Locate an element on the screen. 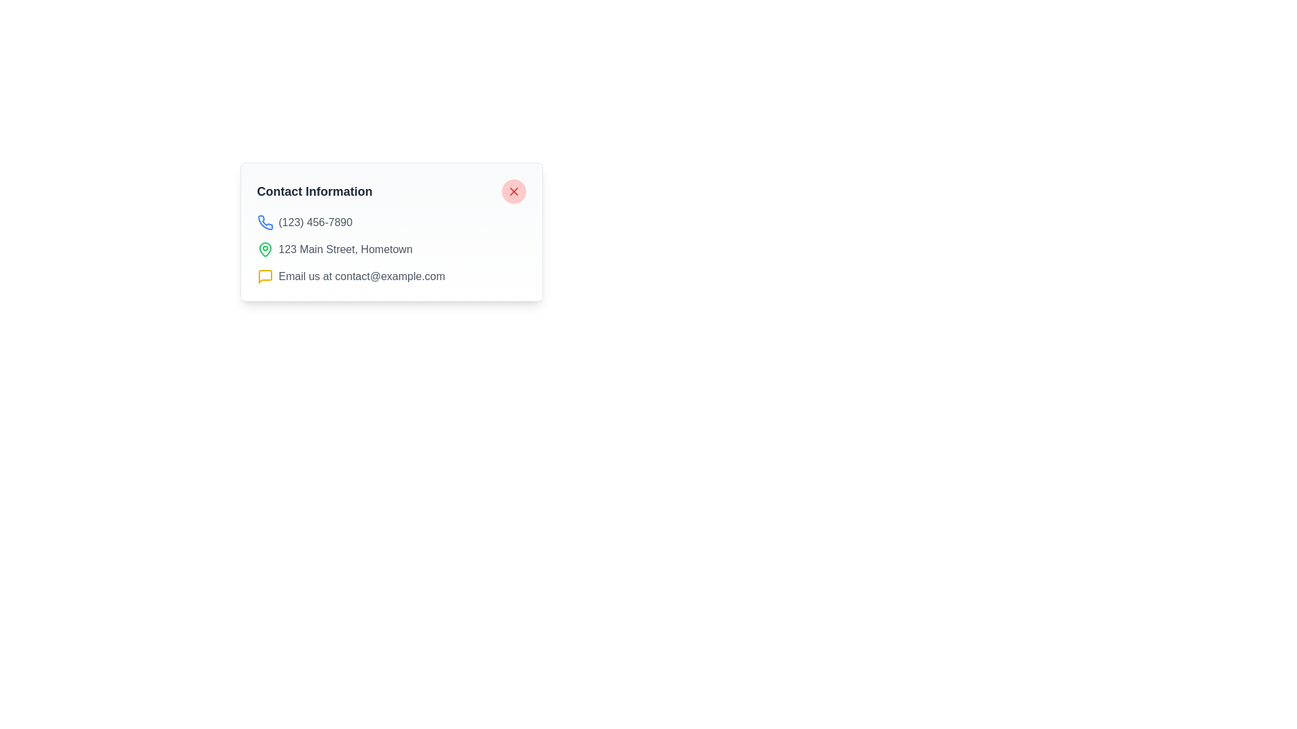  the static text element displaying the phone number is located at coordinates (315, 222).